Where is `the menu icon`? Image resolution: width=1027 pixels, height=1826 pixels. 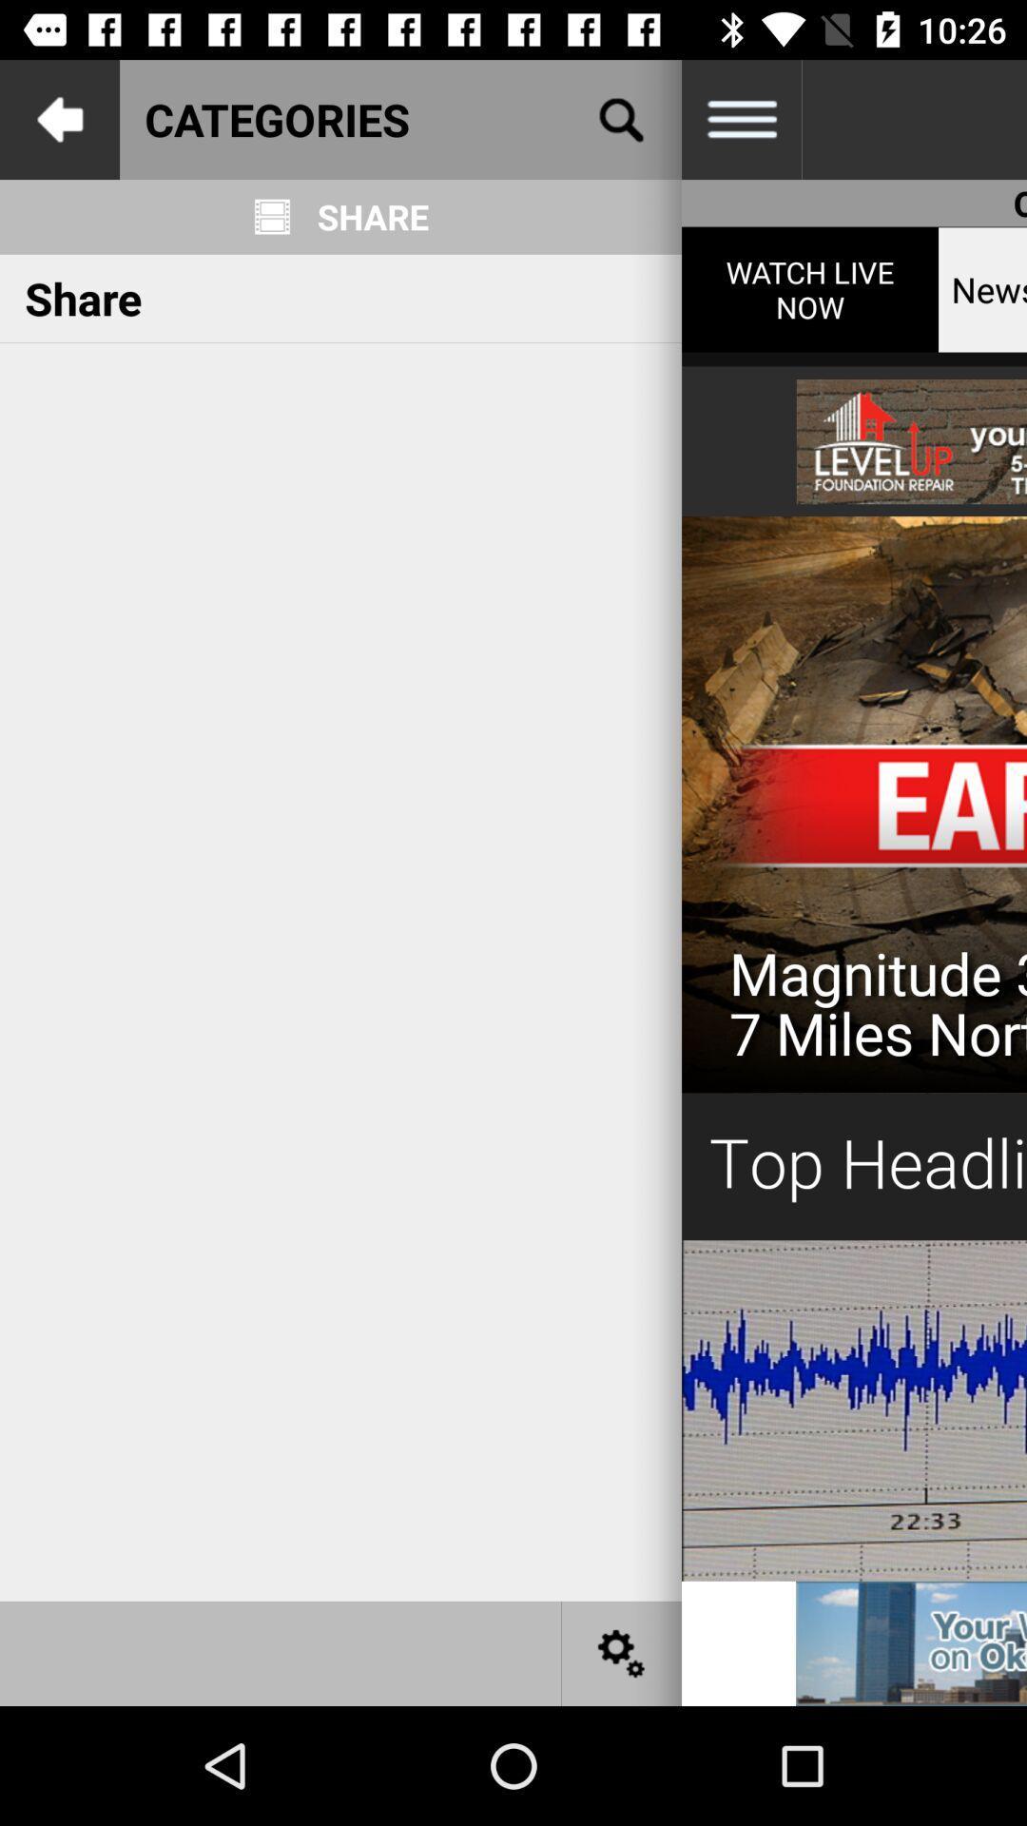
the menu icon is located at coordinates (740, 118).